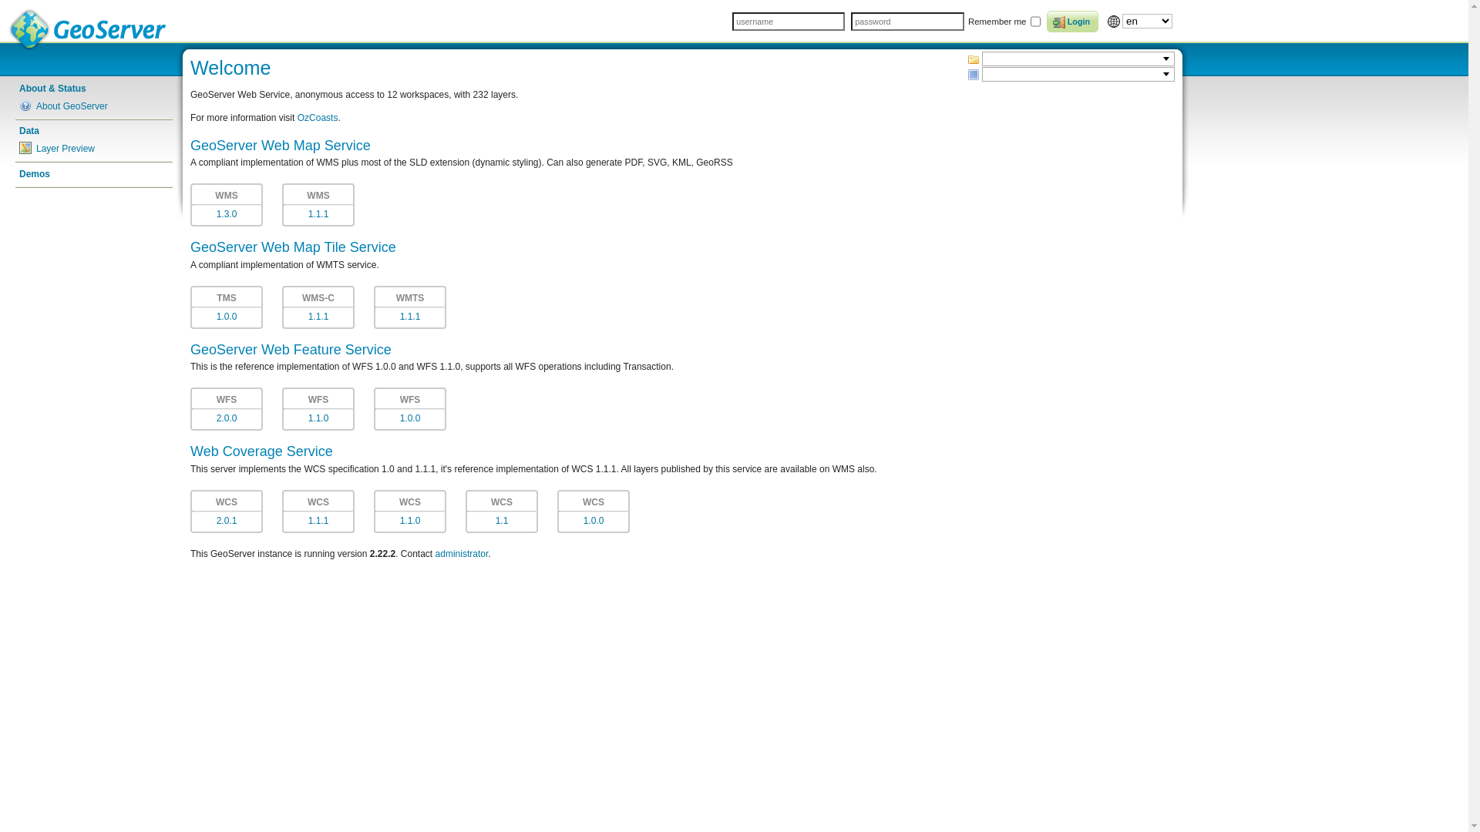 This screenshot has width=1480, height=832. Describe the element at coordinates (92, 173) in the screenshot. I see `'Demos'` at that location.